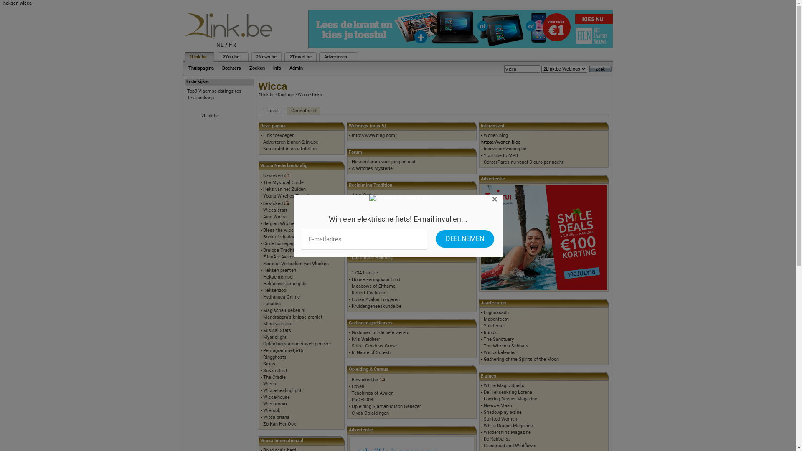  Describe the element at coordinates (372, 168) in the screenshot. I see `'A Witches Mysterie'` at that location.